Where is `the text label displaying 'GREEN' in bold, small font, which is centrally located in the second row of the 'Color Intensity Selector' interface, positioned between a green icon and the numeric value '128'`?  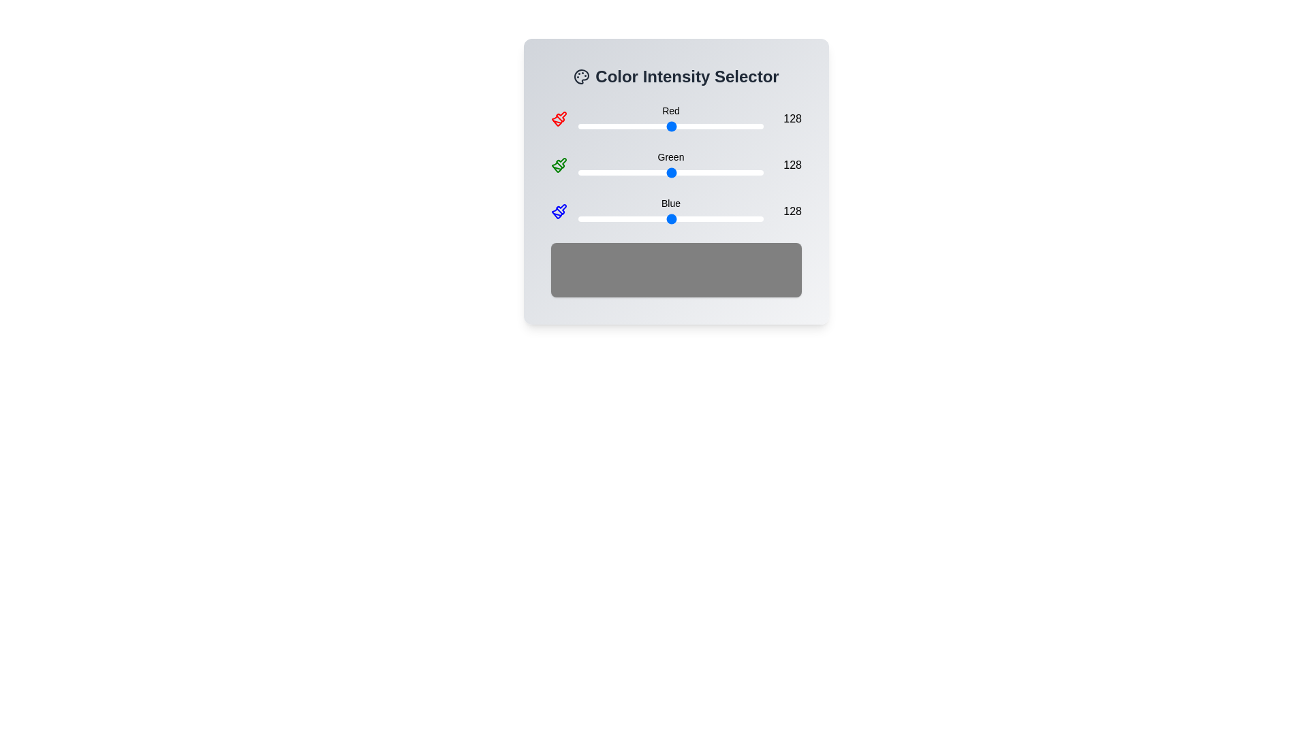
the text label displaying 'GREEN' in bold, small font, which is centrally located in the second row of the 'Color Intensity Selector' interface, positioned between a green icon and the numeric value '128' is located at coordinates (670, 157).